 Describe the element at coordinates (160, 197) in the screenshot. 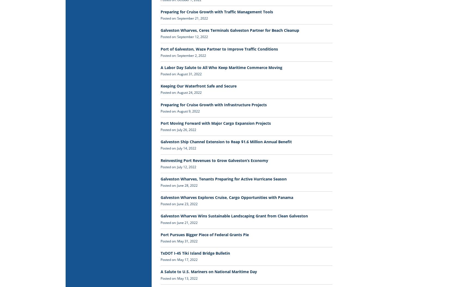

I see `'Galveston Wharves Explores Cruise, Cargo Opportunities with Panama'` at that location.